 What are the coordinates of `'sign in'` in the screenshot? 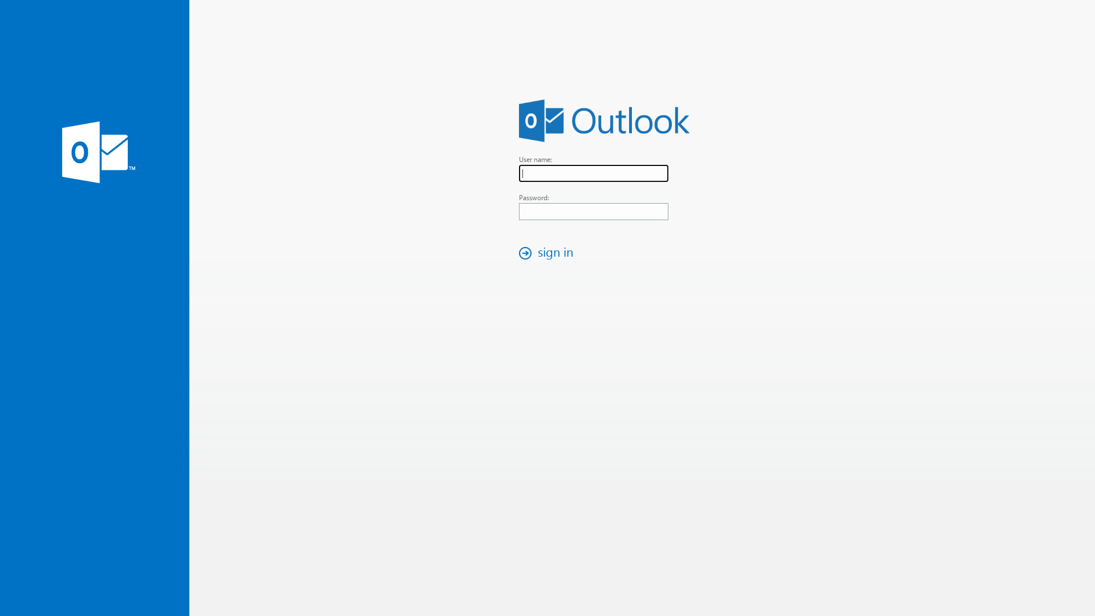 It's located at (549, 252).